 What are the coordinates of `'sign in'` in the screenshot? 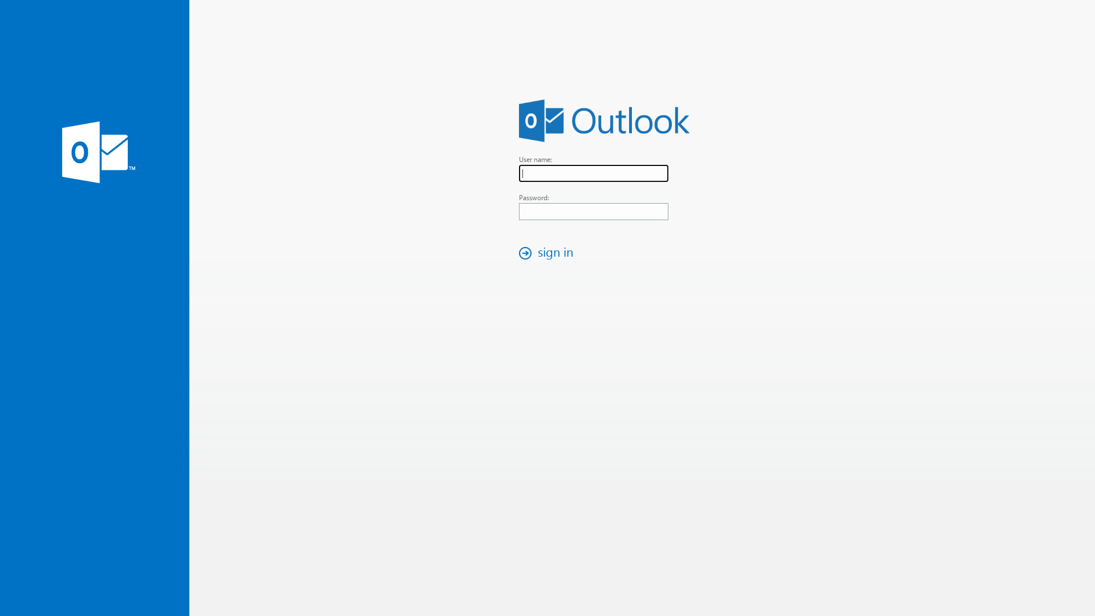 It's located at (549, 252).